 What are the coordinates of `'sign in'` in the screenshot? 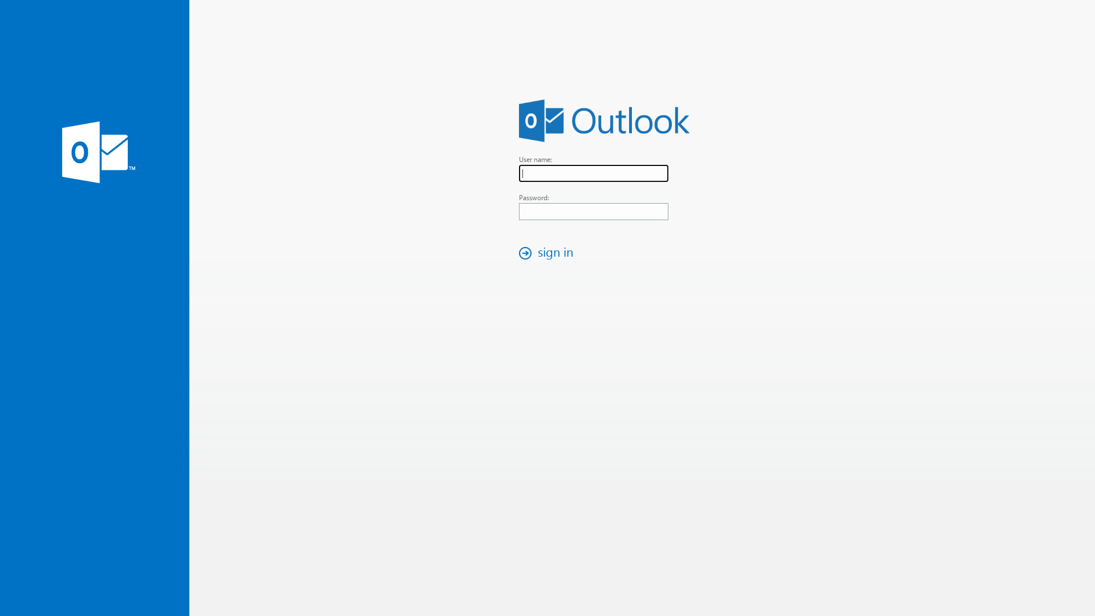 It's located at (549, 252).